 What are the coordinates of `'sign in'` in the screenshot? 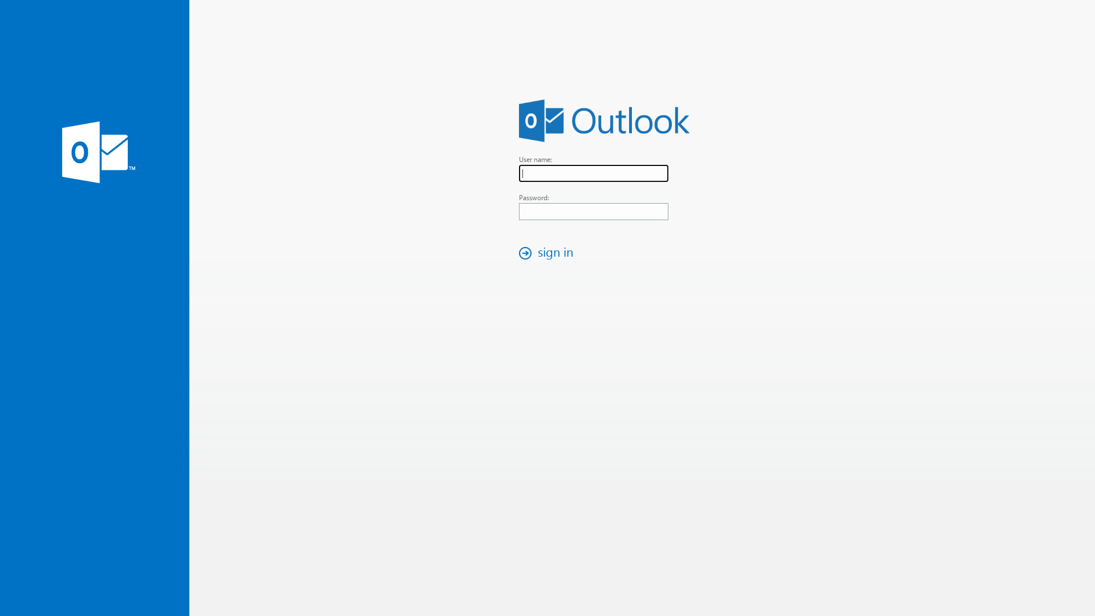 It's located at (549, 252).